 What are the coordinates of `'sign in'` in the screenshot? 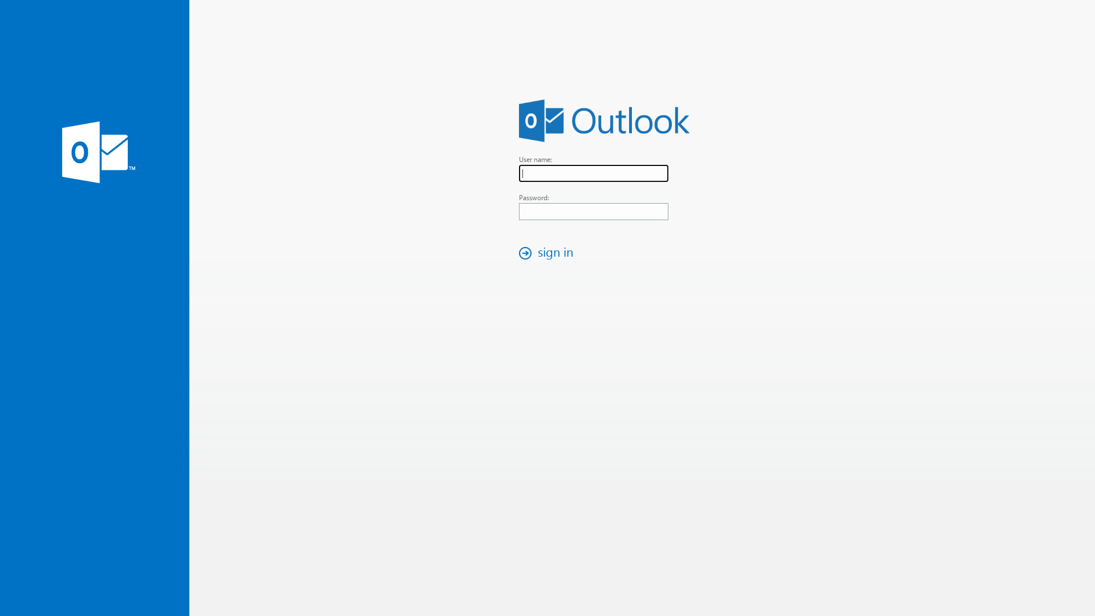 It's located at (549, 252).